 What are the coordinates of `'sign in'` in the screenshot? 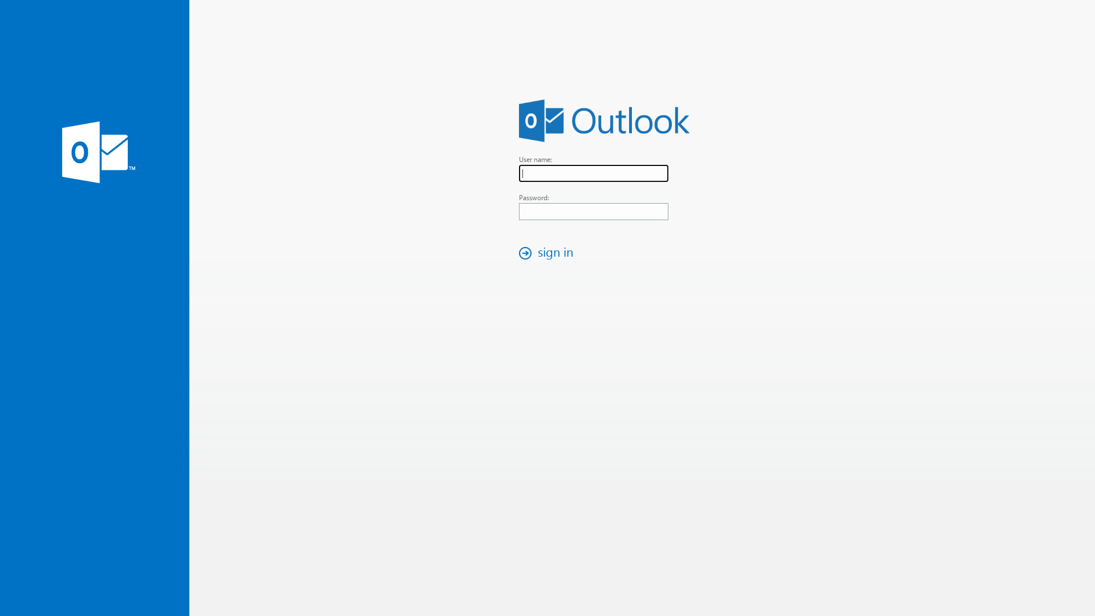 It's located at (549, 252).